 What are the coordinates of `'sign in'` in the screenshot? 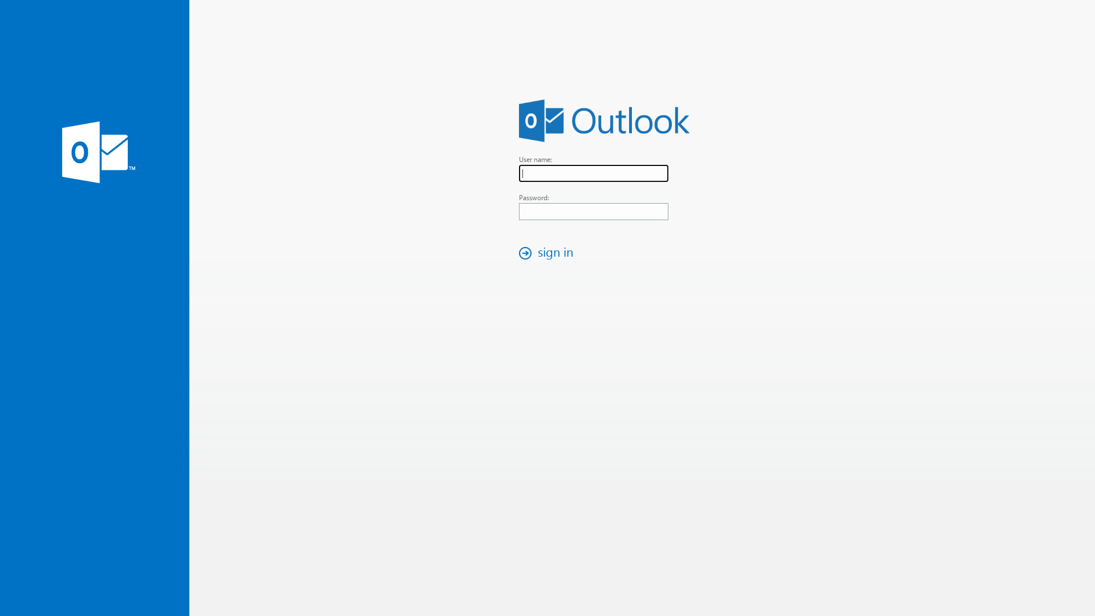 It's located at (549, 252).